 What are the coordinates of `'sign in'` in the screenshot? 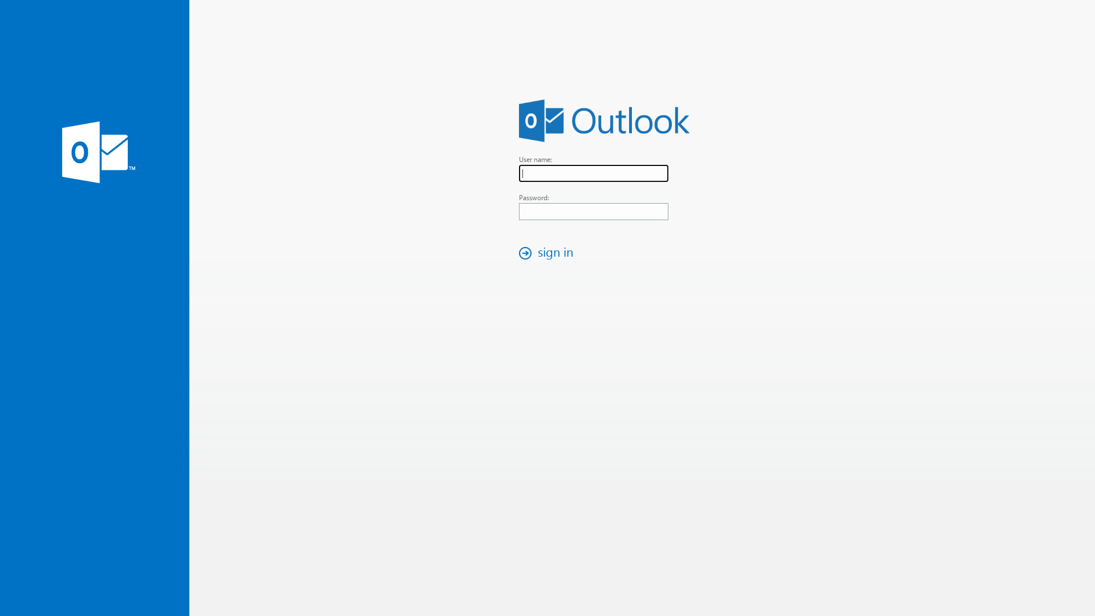 It's located at (549, 252).